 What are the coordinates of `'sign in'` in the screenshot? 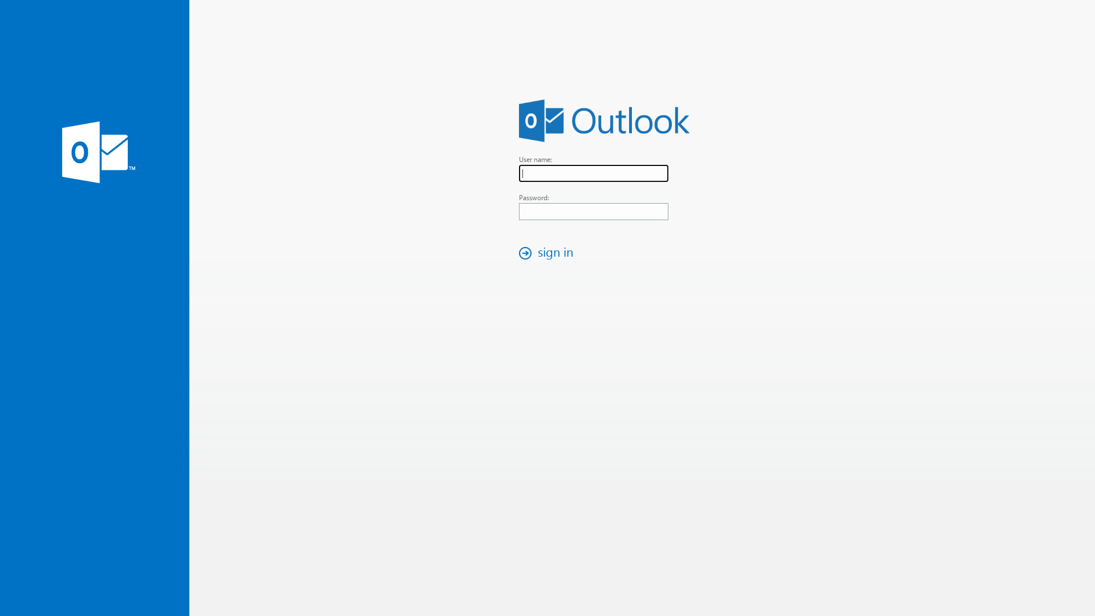 It's located at (549, 252).